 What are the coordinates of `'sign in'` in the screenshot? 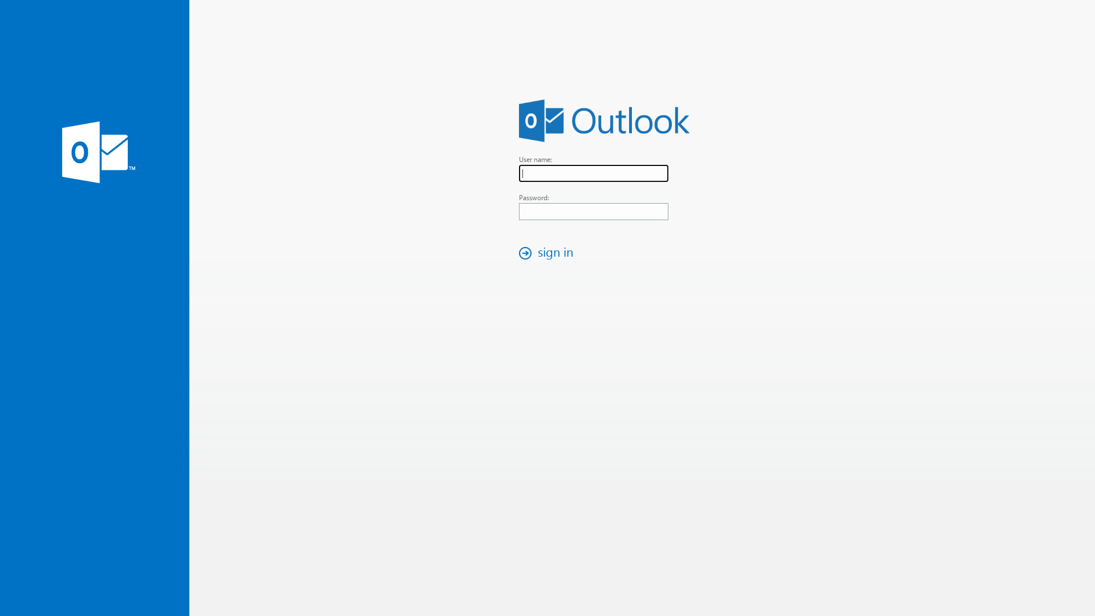 It's located at (549, 252).